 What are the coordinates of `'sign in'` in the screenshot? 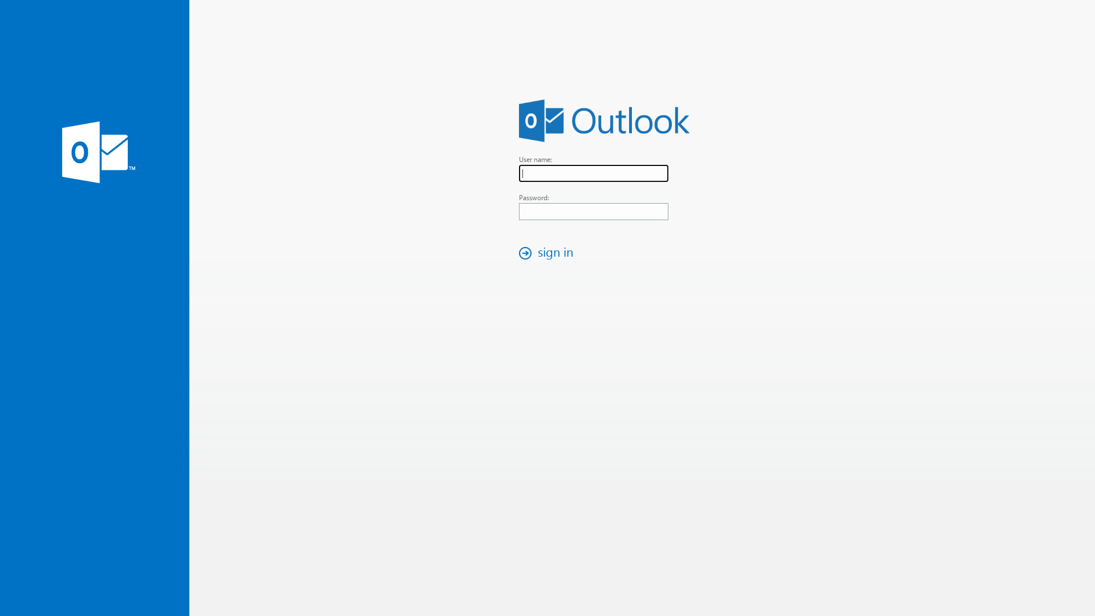 It's located at (549, 252).